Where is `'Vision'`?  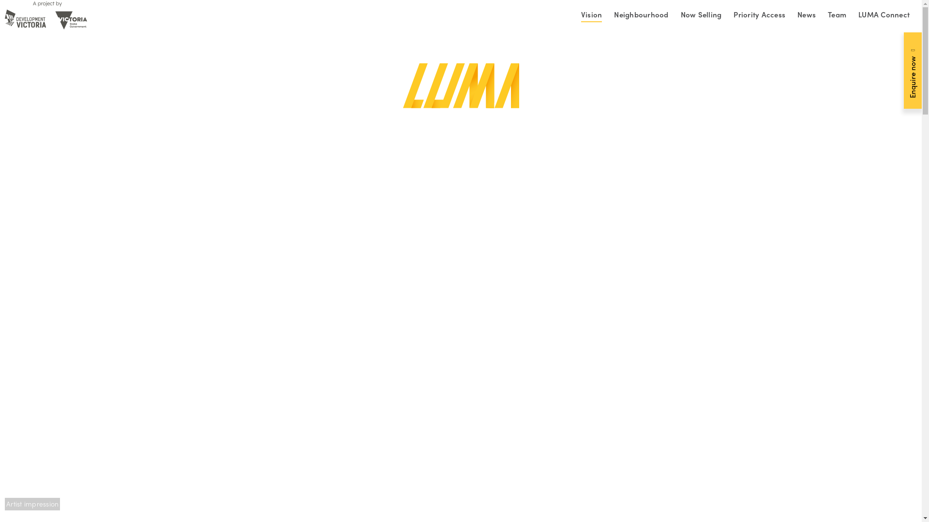
'Vision' is located at coordinates (591, 16).